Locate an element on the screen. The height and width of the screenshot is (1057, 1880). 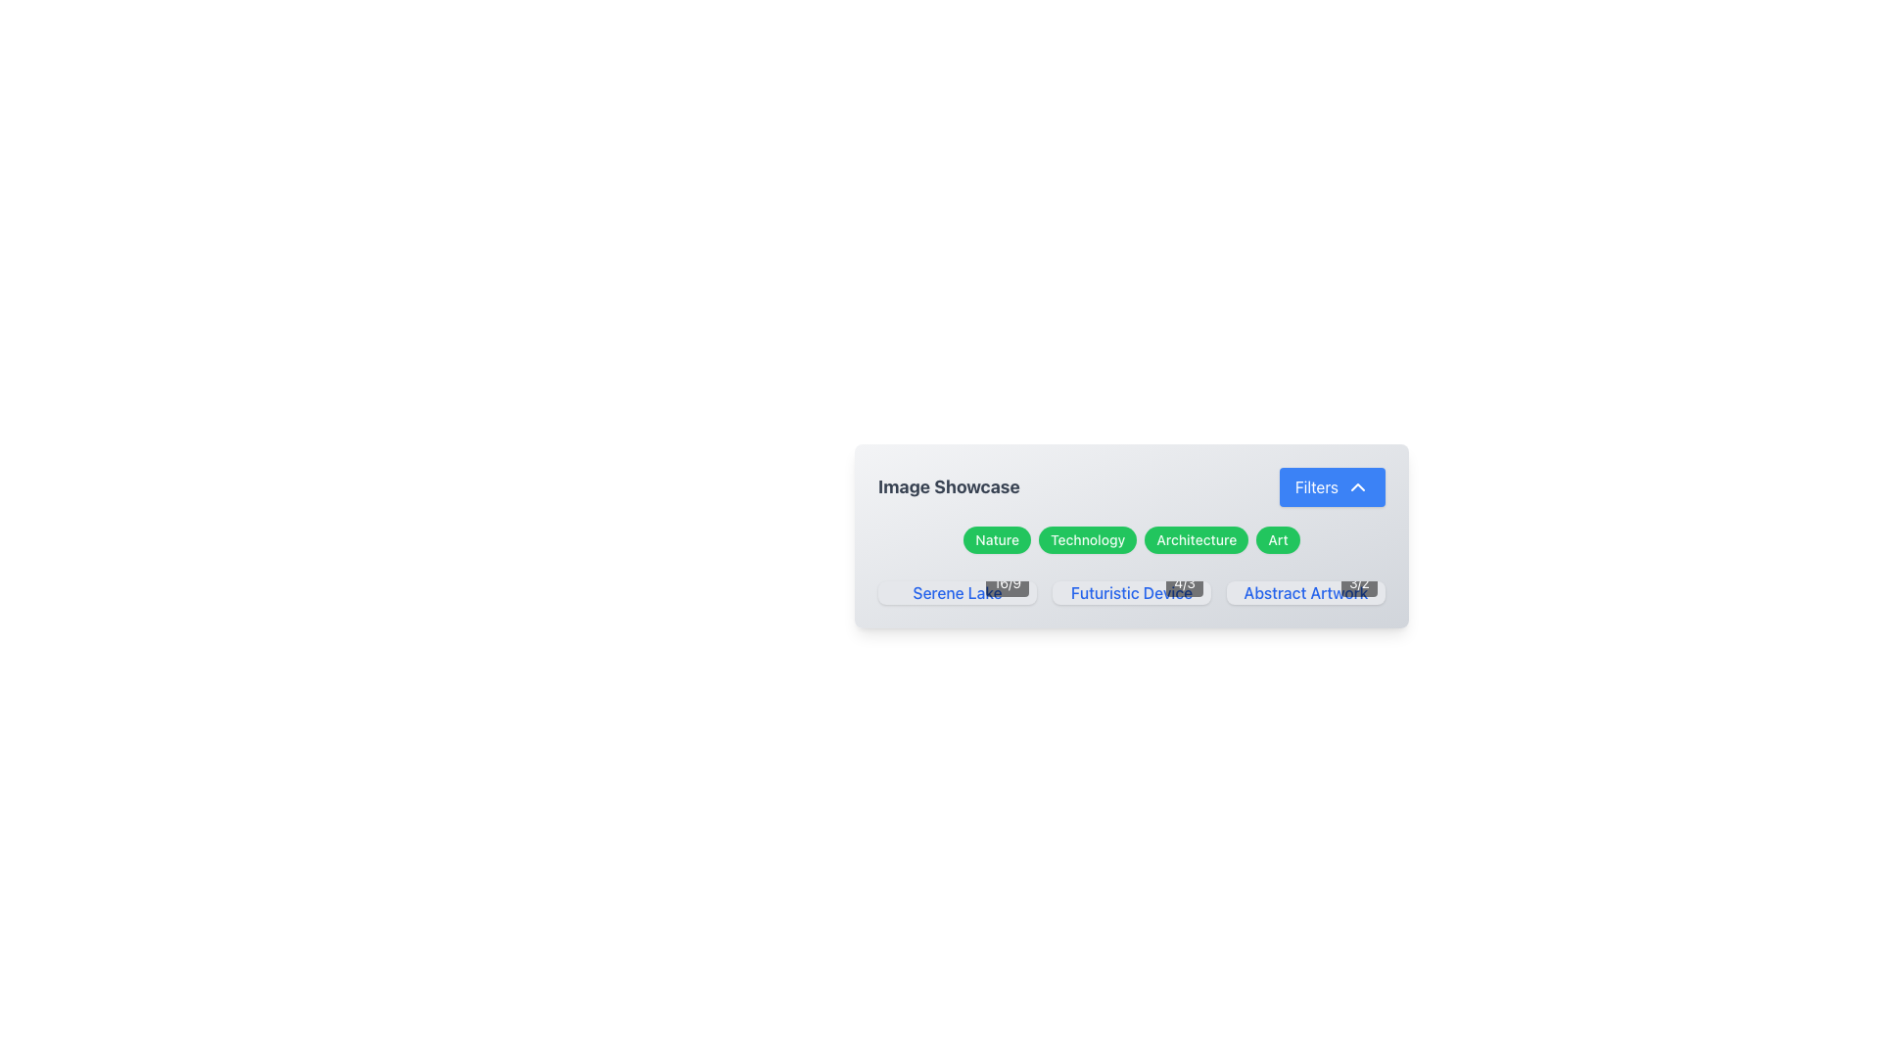
the 'Architecture' button, which is the third button in a horizontal group of four is located at coordinates (1196, 539).